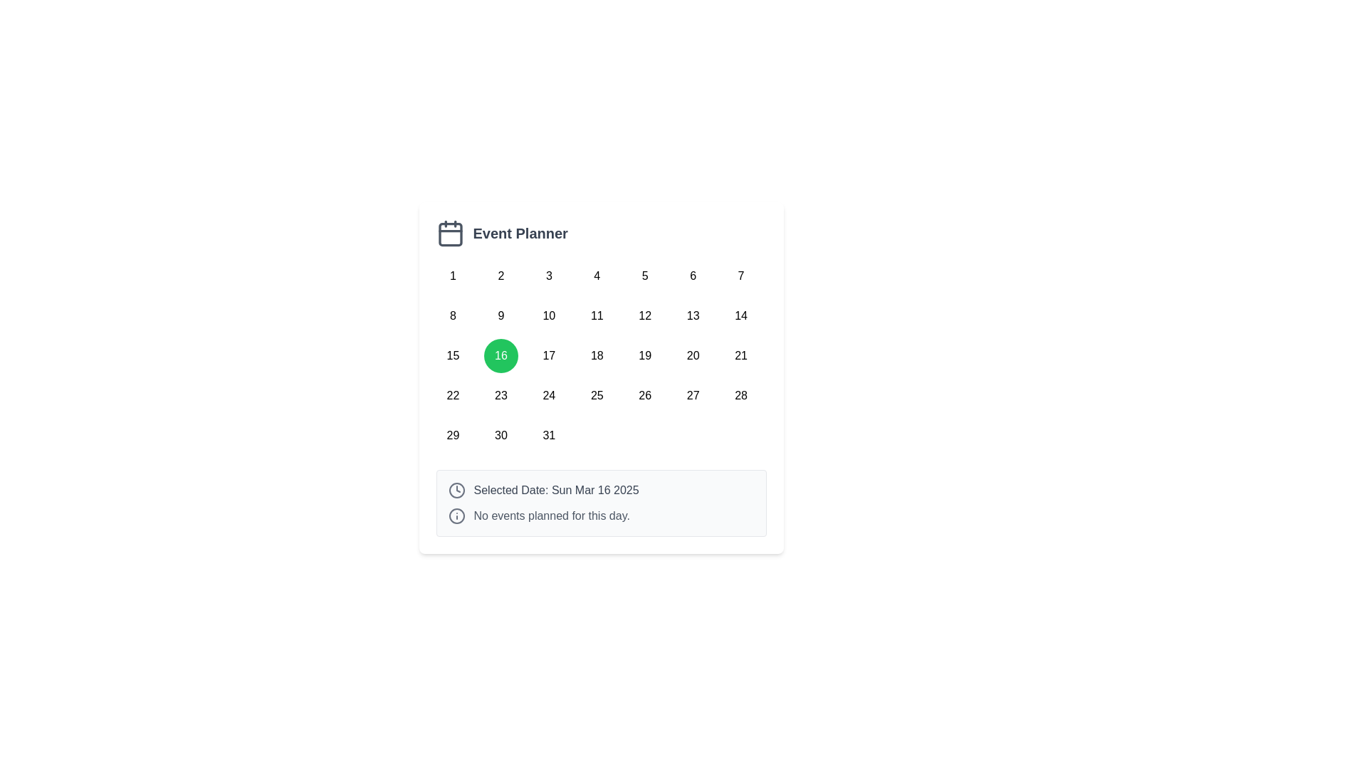 The image size is (1367, 769). Describe the element at coordinates (456, 516) in the screenshot. I see `the informational icon styled as an outlined circle with a vertical line at the center, located to the left of the text 'No events planned for this day.' in the lower part of the calendar interface` at that location.